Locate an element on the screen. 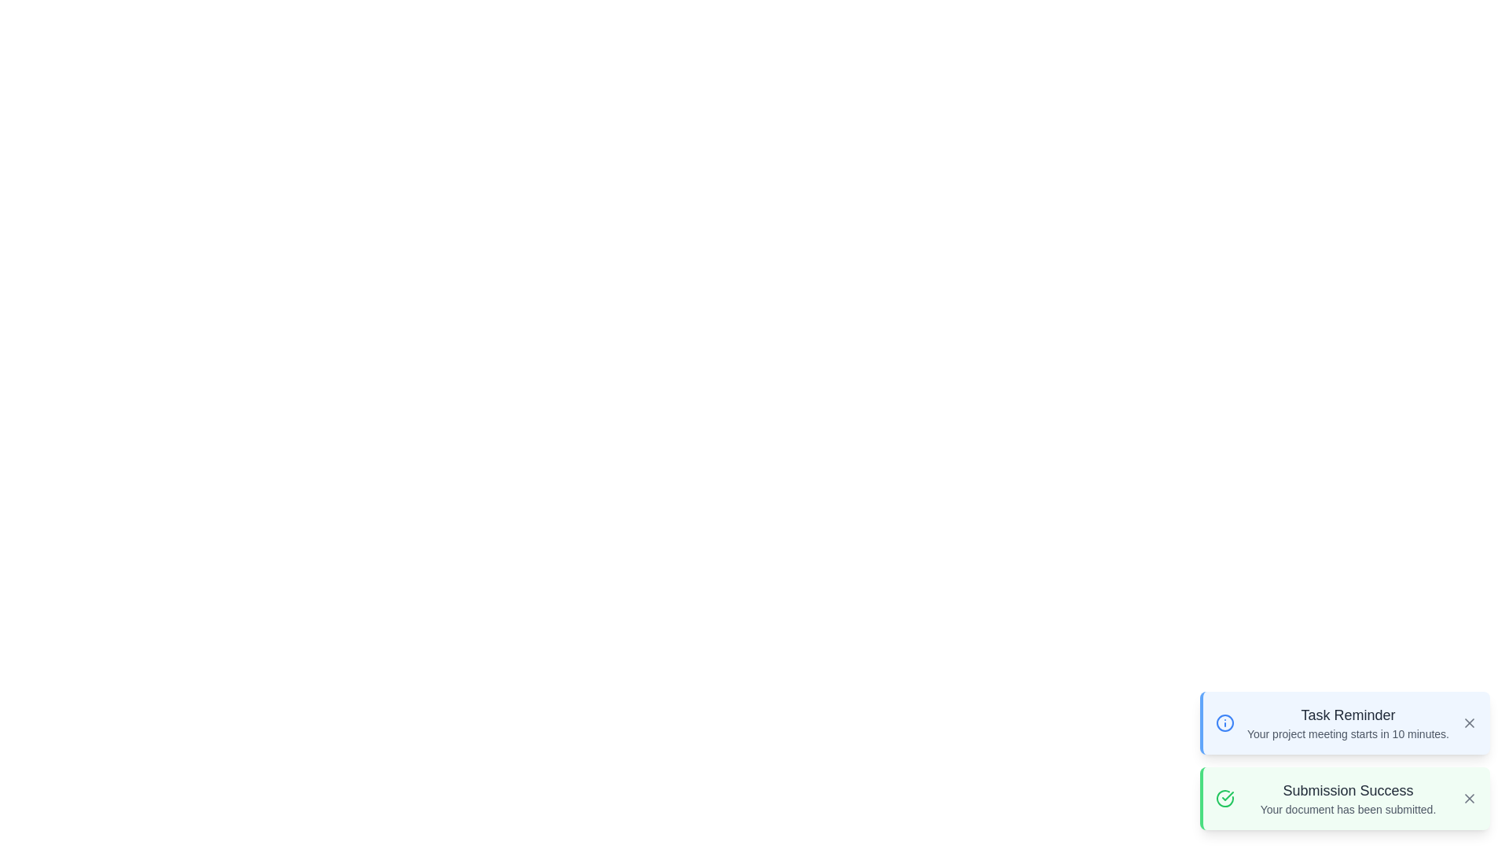 The image size is (1509, 849). close button on the Snackbar with title Submission Success is located at coordinates (1469, 798).